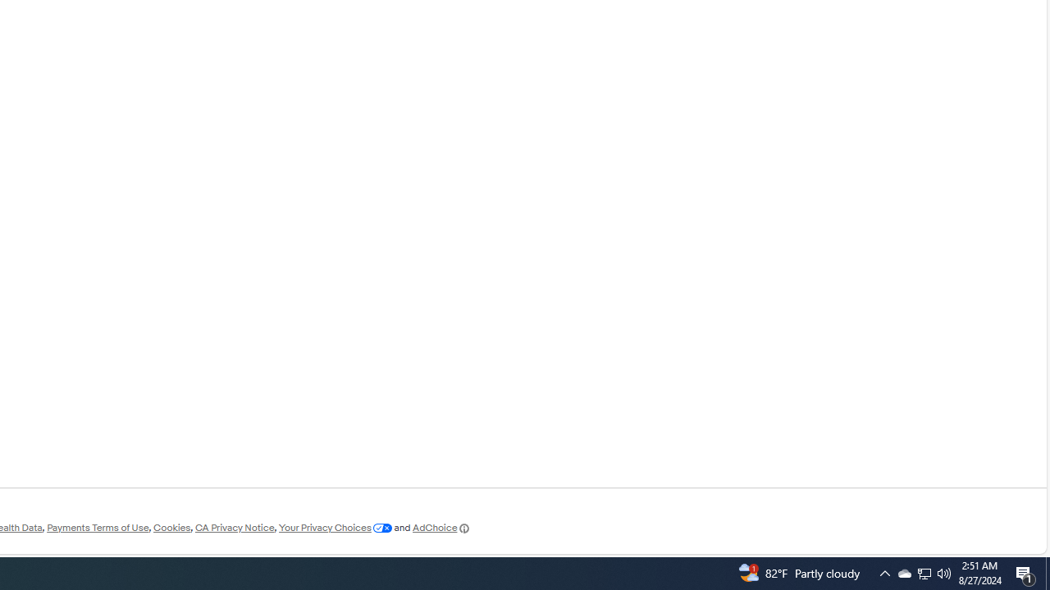  I want to click on 'Your Privacy Choices', so click(334, 528).